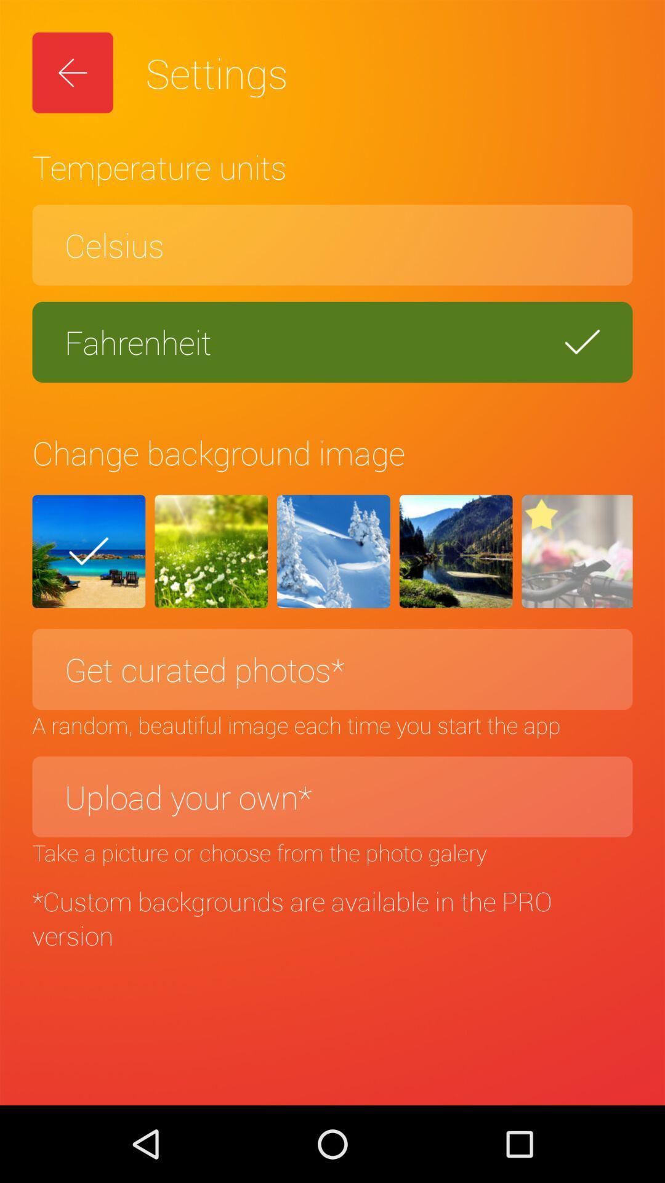  Describe the element at coordinates (332, 342) in the screenshot. I see `fahrenheit item` at that location.